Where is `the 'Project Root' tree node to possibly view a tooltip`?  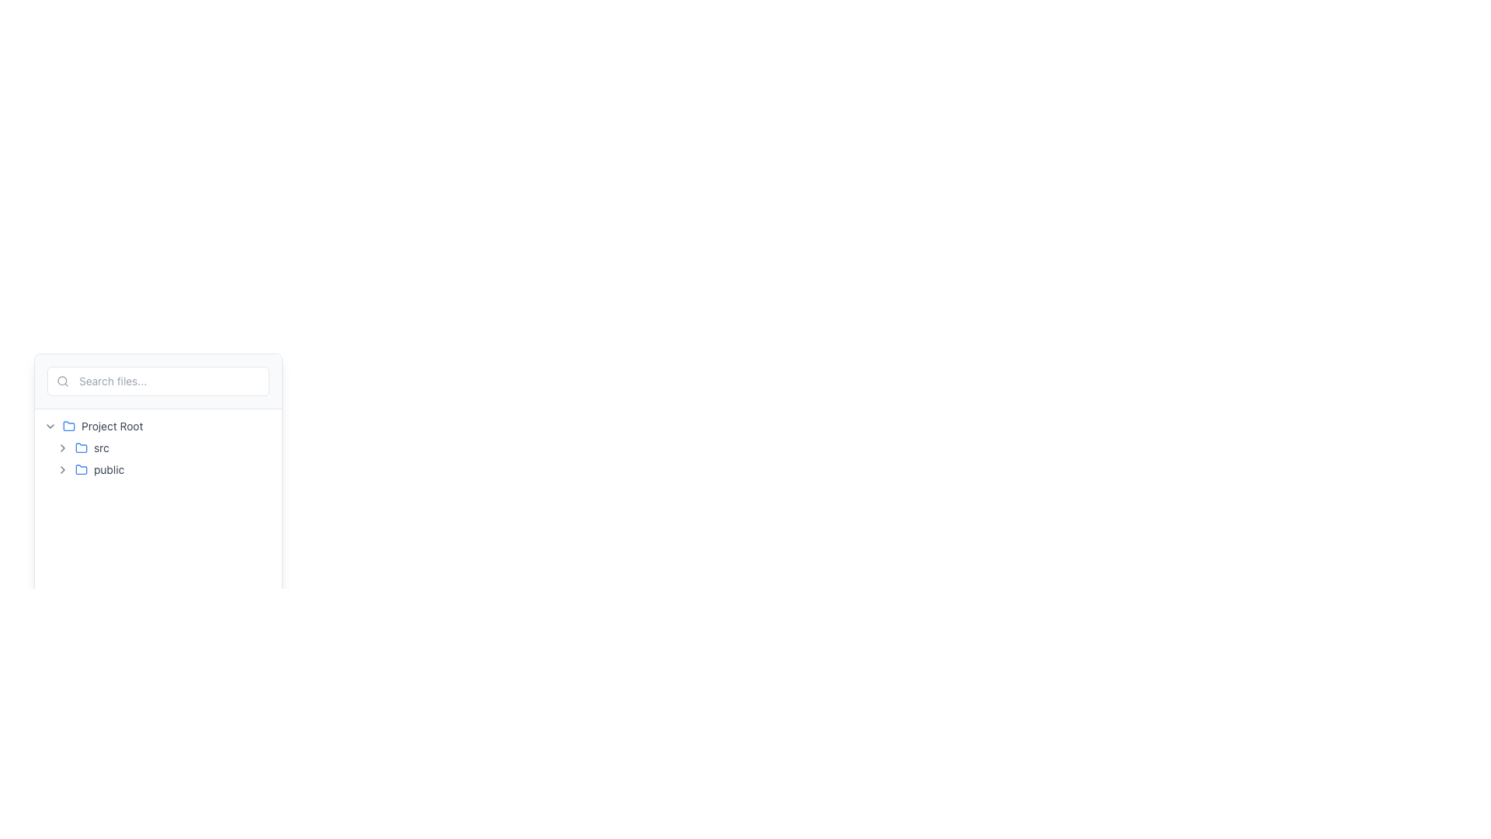
the 'Project Root' tree node to possibly view a tooltip is located at coordinates (92, 426).